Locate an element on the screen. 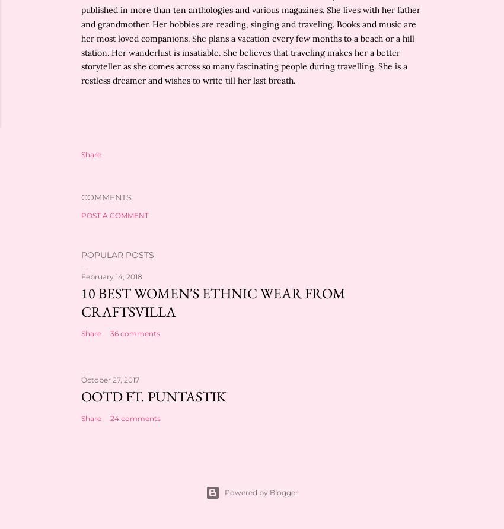 Image resolution: width=504 pixels, height=529 pixels. 'Post a Comment' is located at coordinates (114, 215).